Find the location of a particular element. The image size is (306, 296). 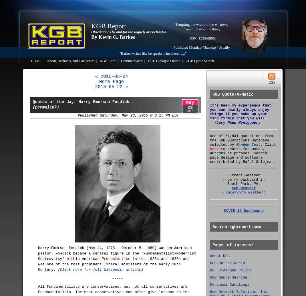

'(permalink)' is located at coordinates (45, 107).